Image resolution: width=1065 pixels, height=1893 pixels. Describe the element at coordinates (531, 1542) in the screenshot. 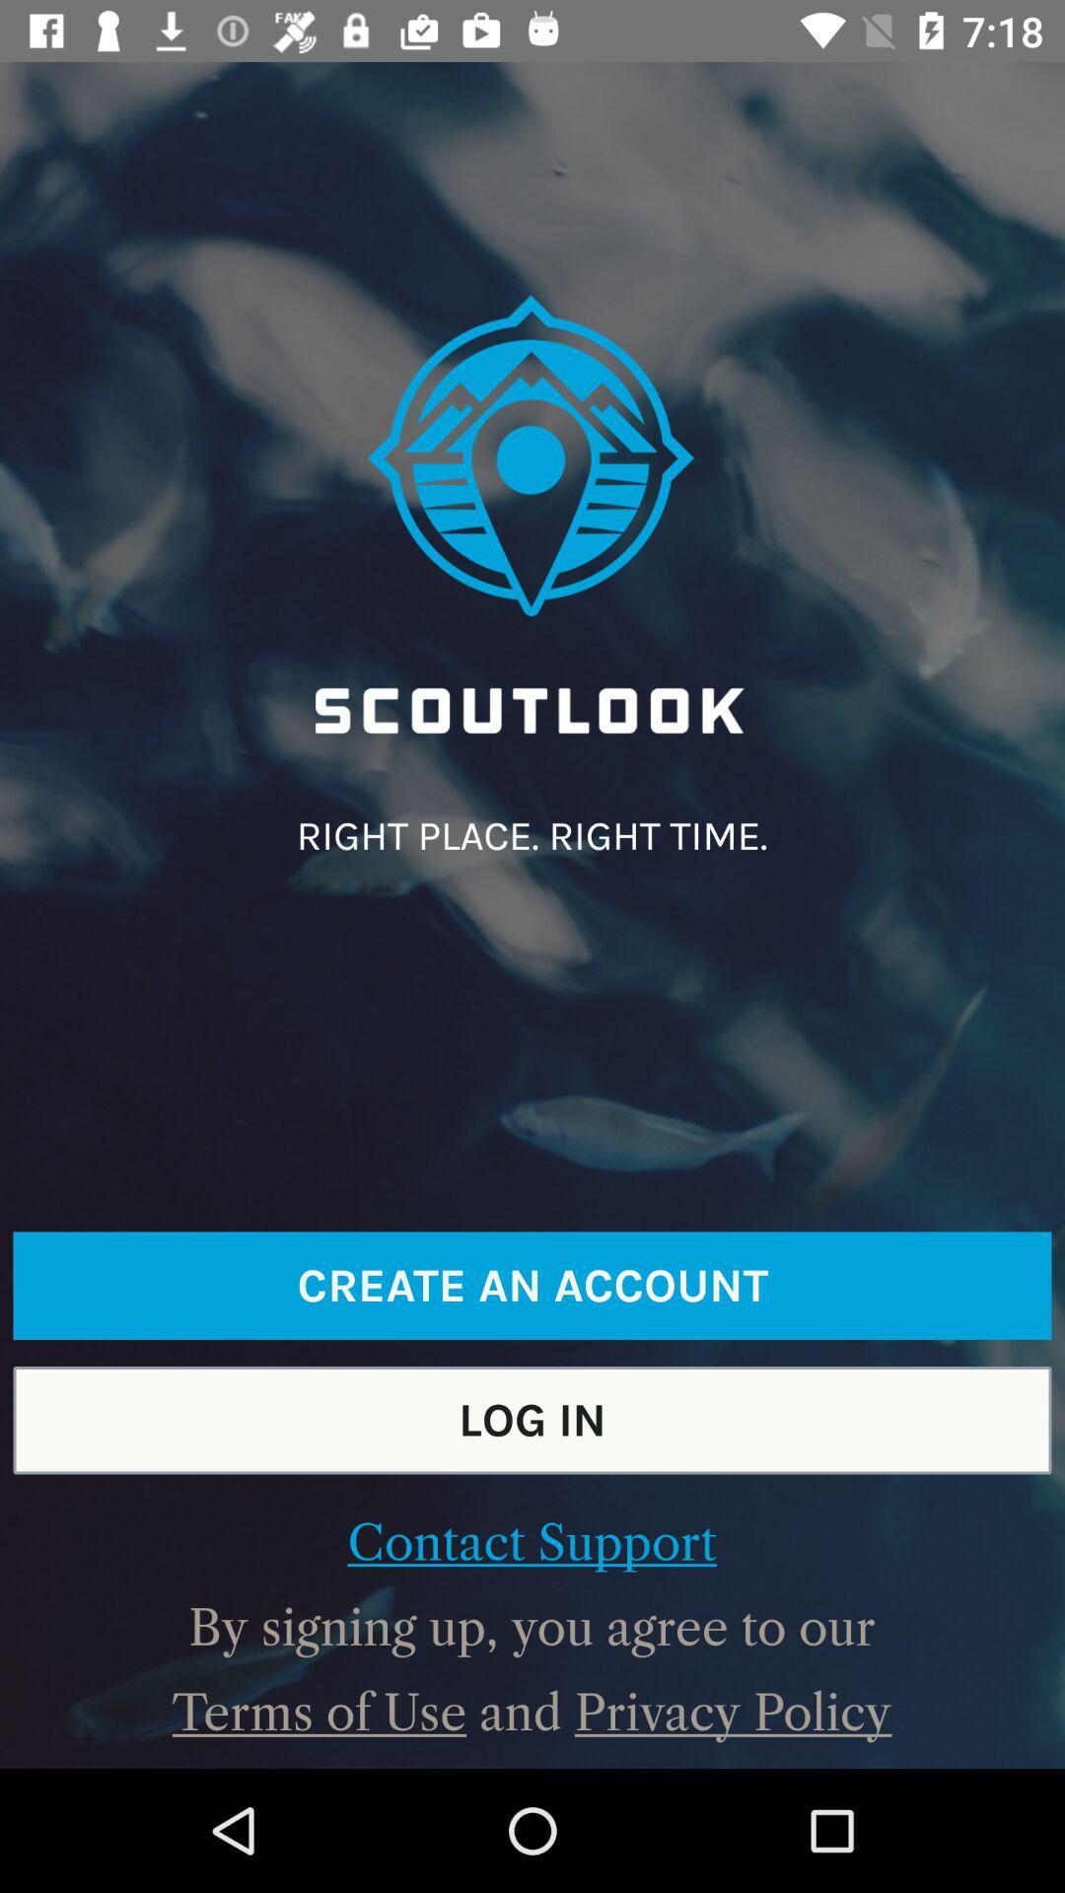

I see `icon above the by signing up icon` at that location.